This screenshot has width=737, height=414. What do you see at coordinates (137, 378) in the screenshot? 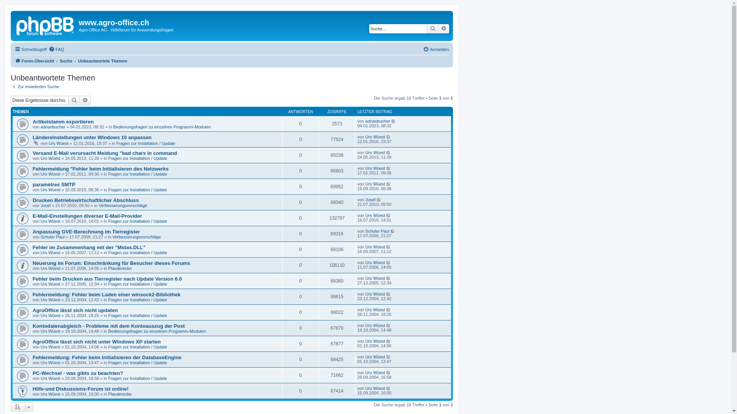
I see `'Fragen zur Installation / Update'` at bounding box center [137, 378].